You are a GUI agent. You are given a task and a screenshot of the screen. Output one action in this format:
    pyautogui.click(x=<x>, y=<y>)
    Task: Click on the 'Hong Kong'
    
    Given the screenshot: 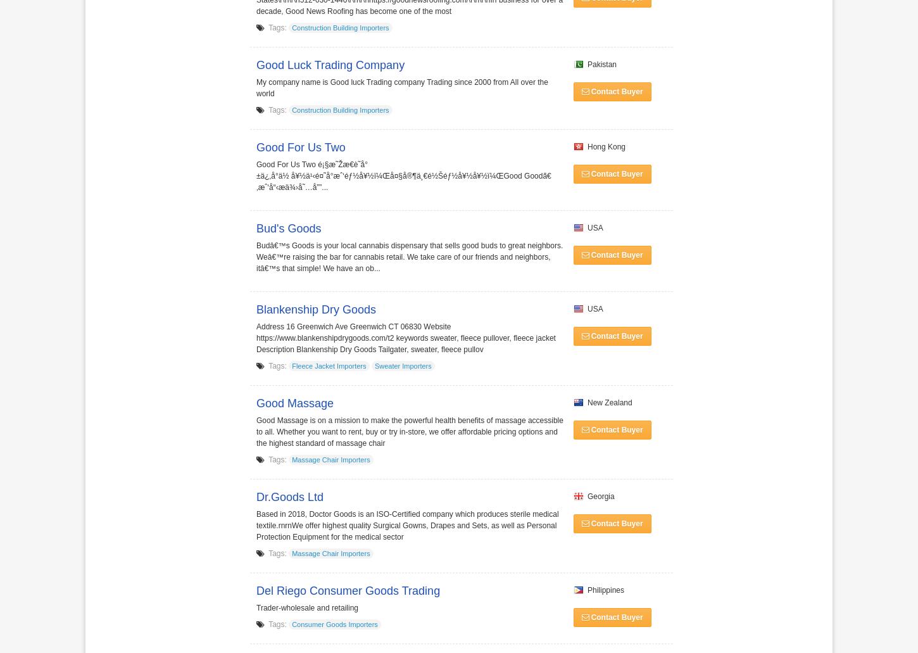 What is the action you would take?
    pyautogui.click(x=604, y=146)
    